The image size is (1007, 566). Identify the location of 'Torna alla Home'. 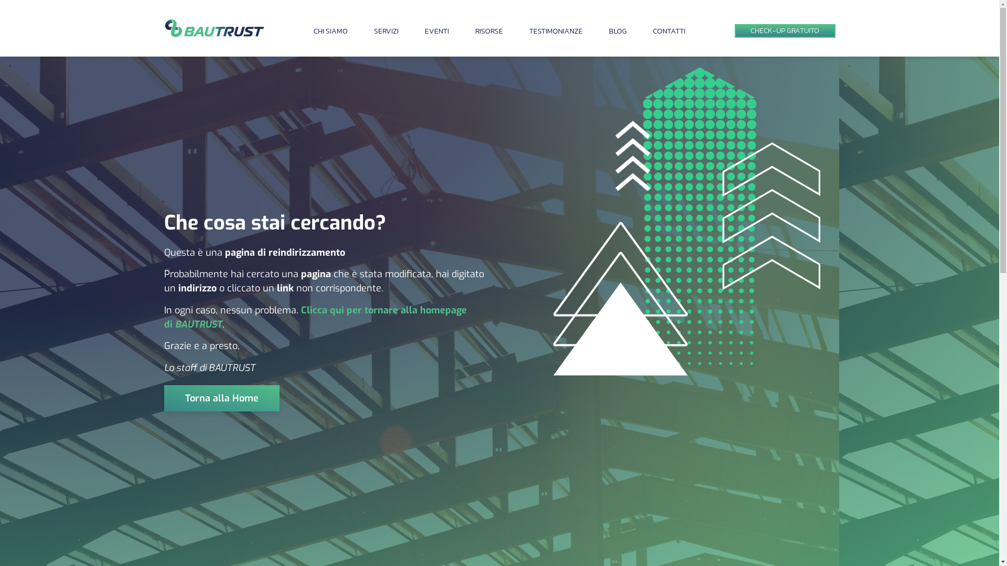
(221, 398).